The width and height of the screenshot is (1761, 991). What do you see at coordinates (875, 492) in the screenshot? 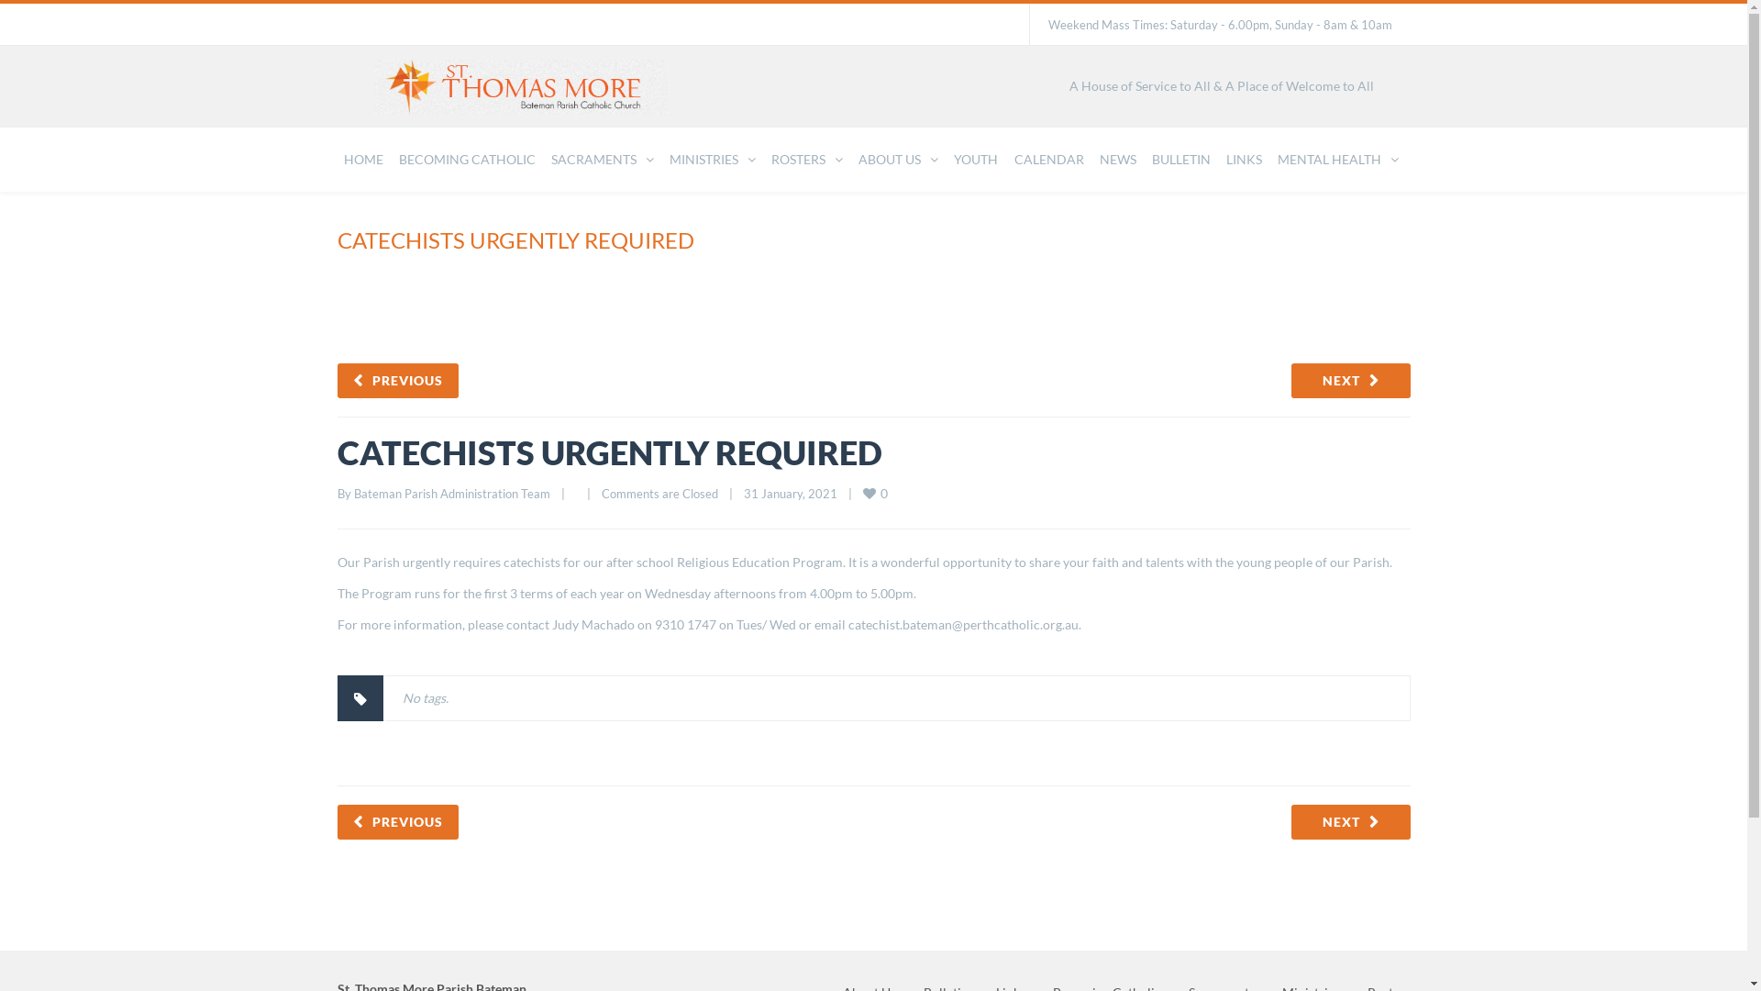
I see `'0 '` at bounding box center [875, 492].